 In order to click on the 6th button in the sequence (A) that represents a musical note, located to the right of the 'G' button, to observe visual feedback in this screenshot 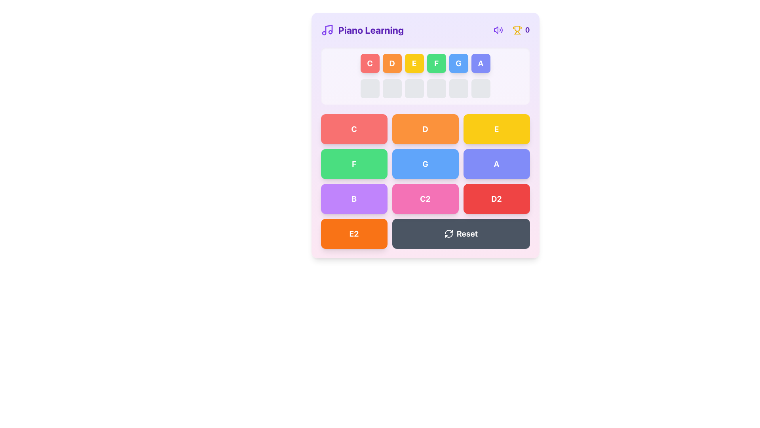, I will do `click(480, 63)`.